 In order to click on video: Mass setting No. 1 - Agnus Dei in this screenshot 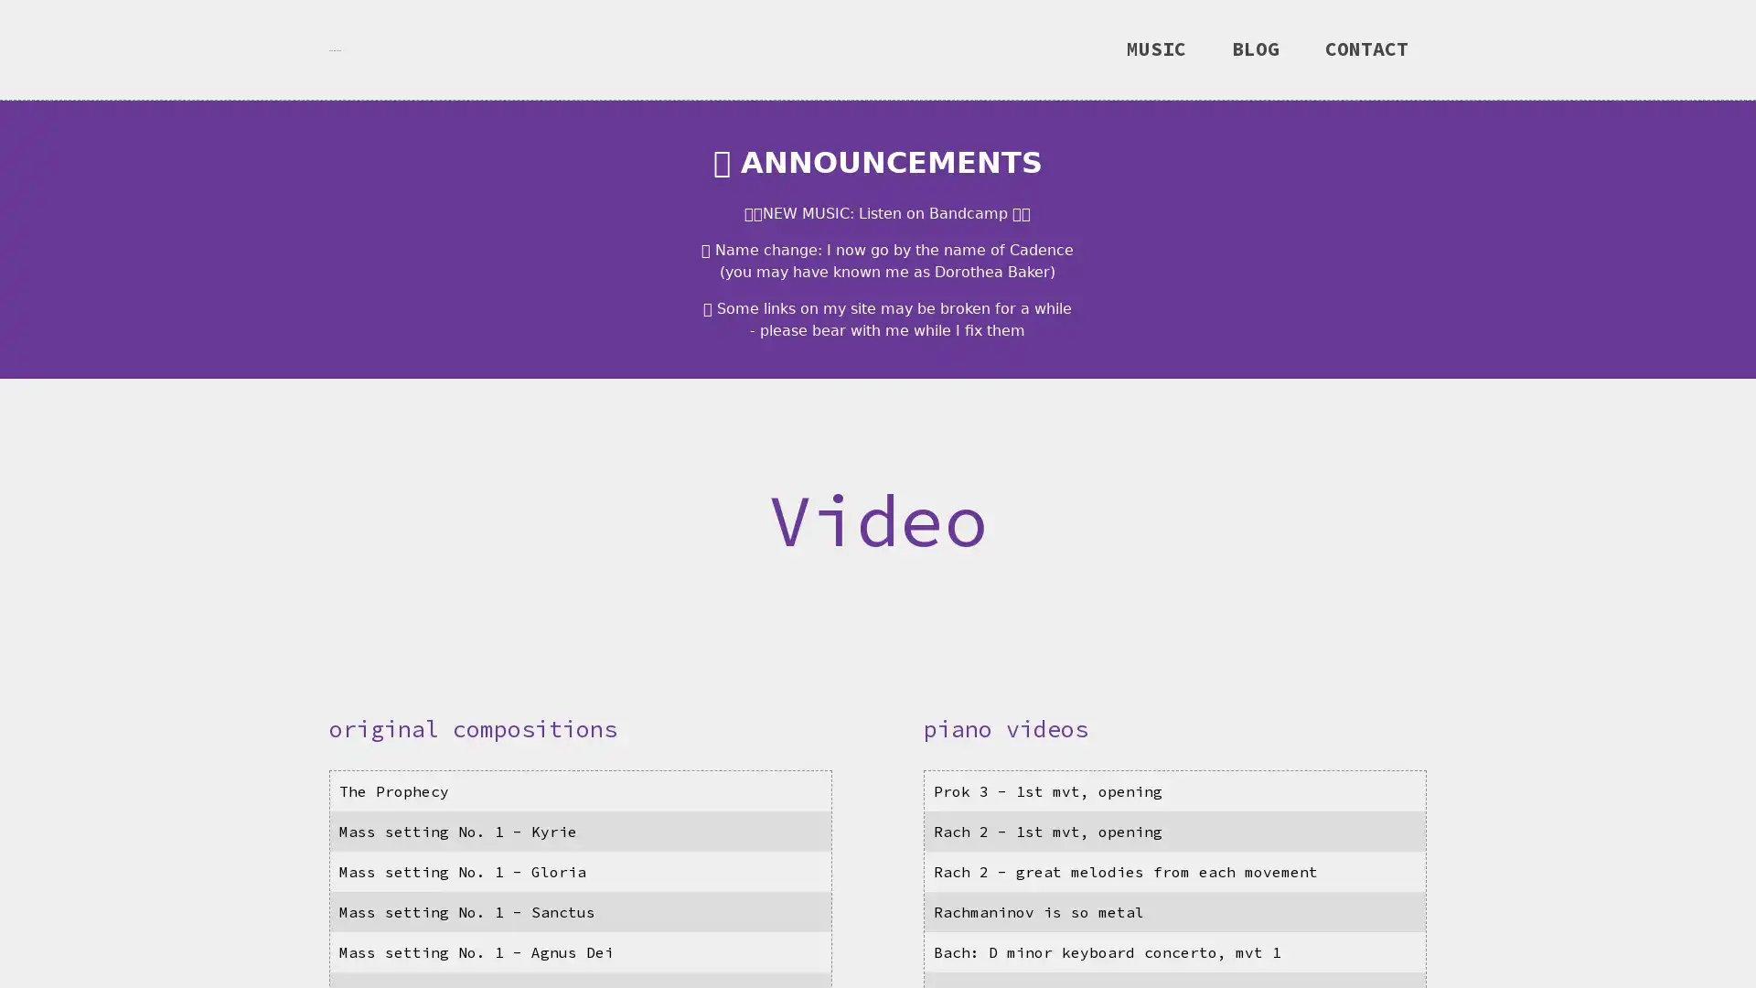, I will do `click(579, 950)`.